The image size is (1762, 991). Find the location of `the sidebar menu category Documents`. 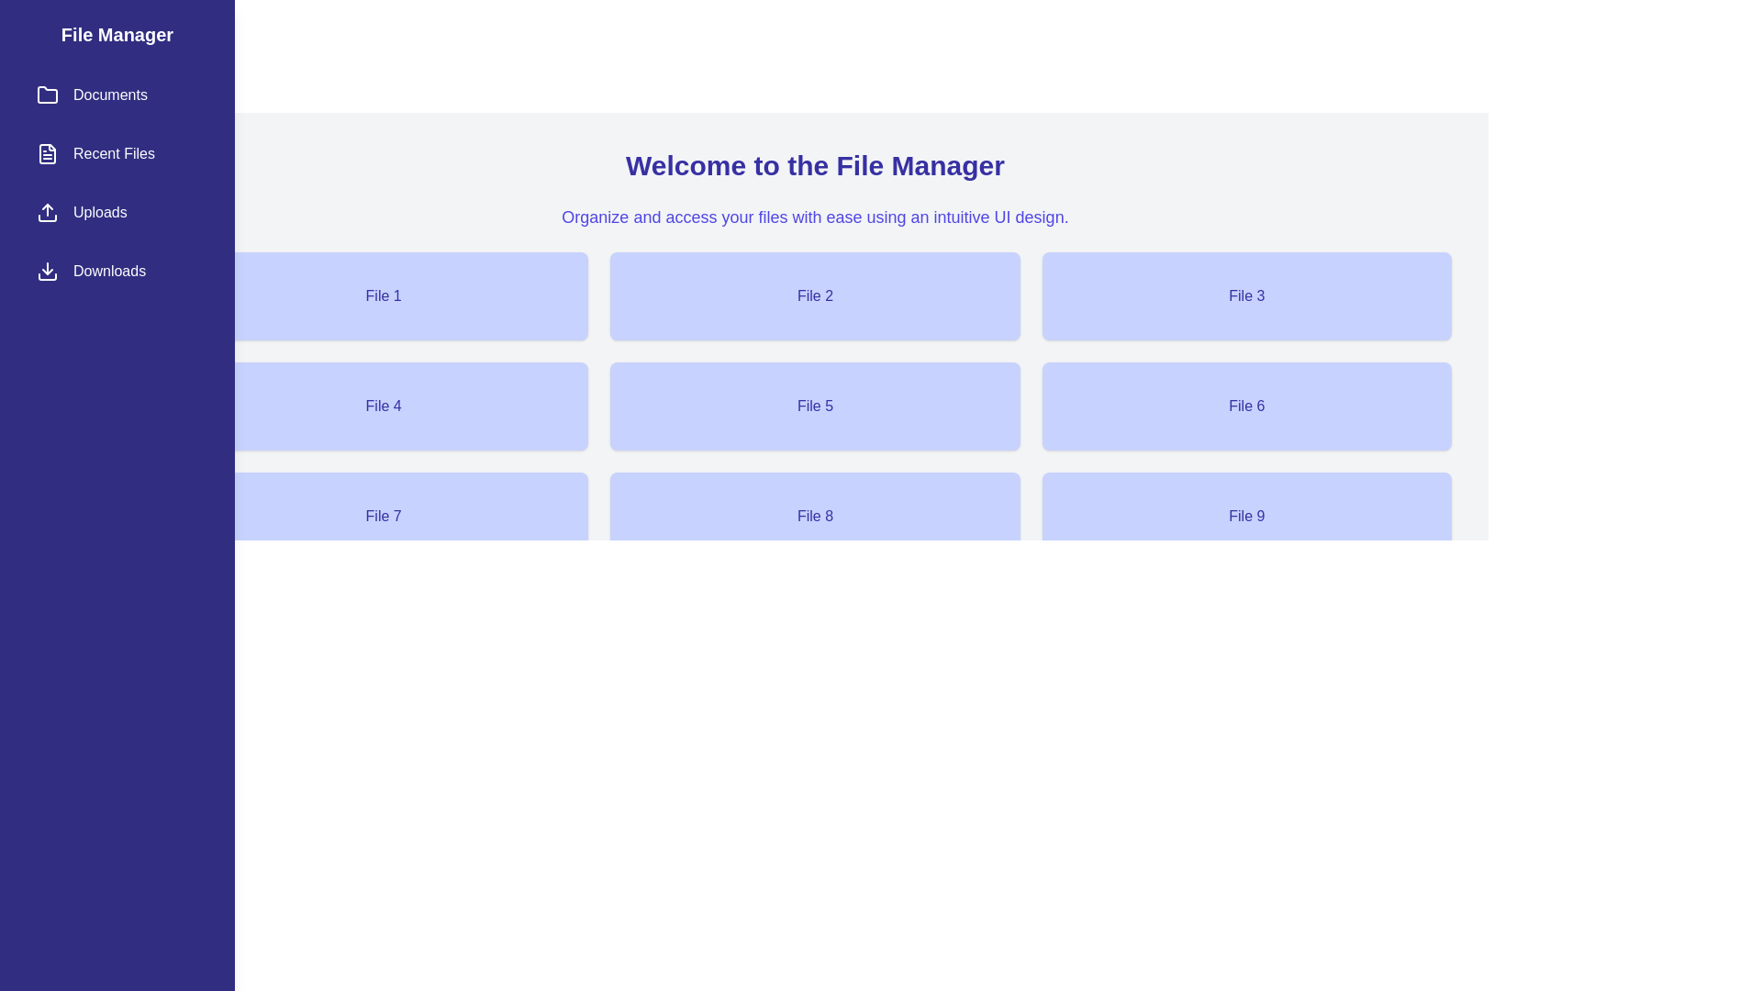

the sidebar menu category Documents is located at coordinates (117, 95).